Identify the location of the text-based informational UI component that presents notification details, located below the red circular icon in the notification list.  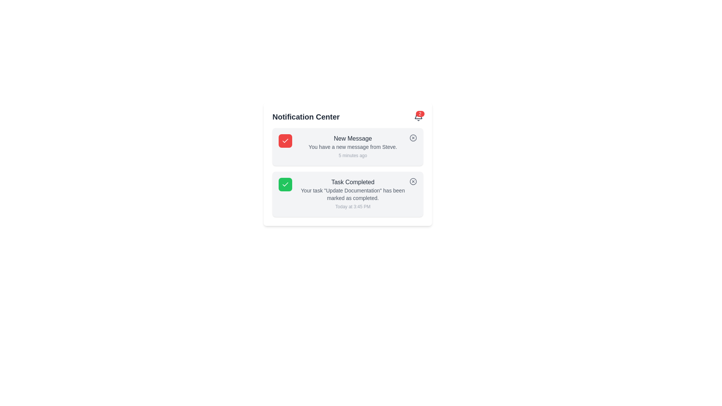
(352, 147).